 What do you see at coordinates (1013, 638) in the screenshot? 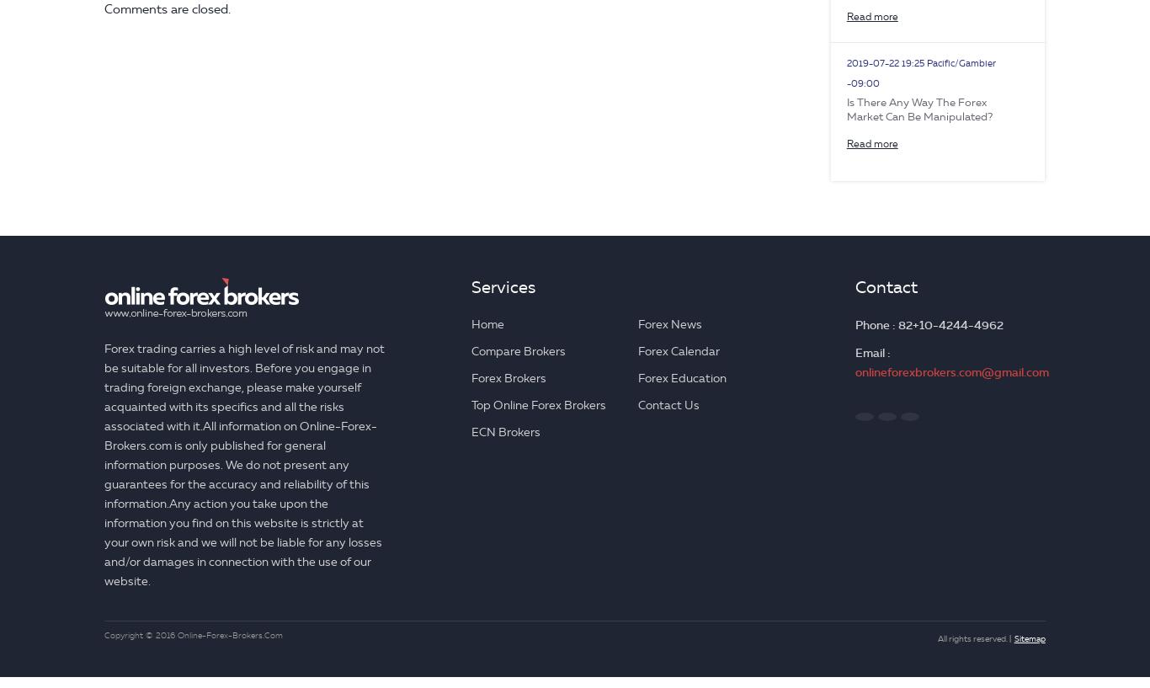
I see `'Sitemap'` at bounding box center [1013, 638].